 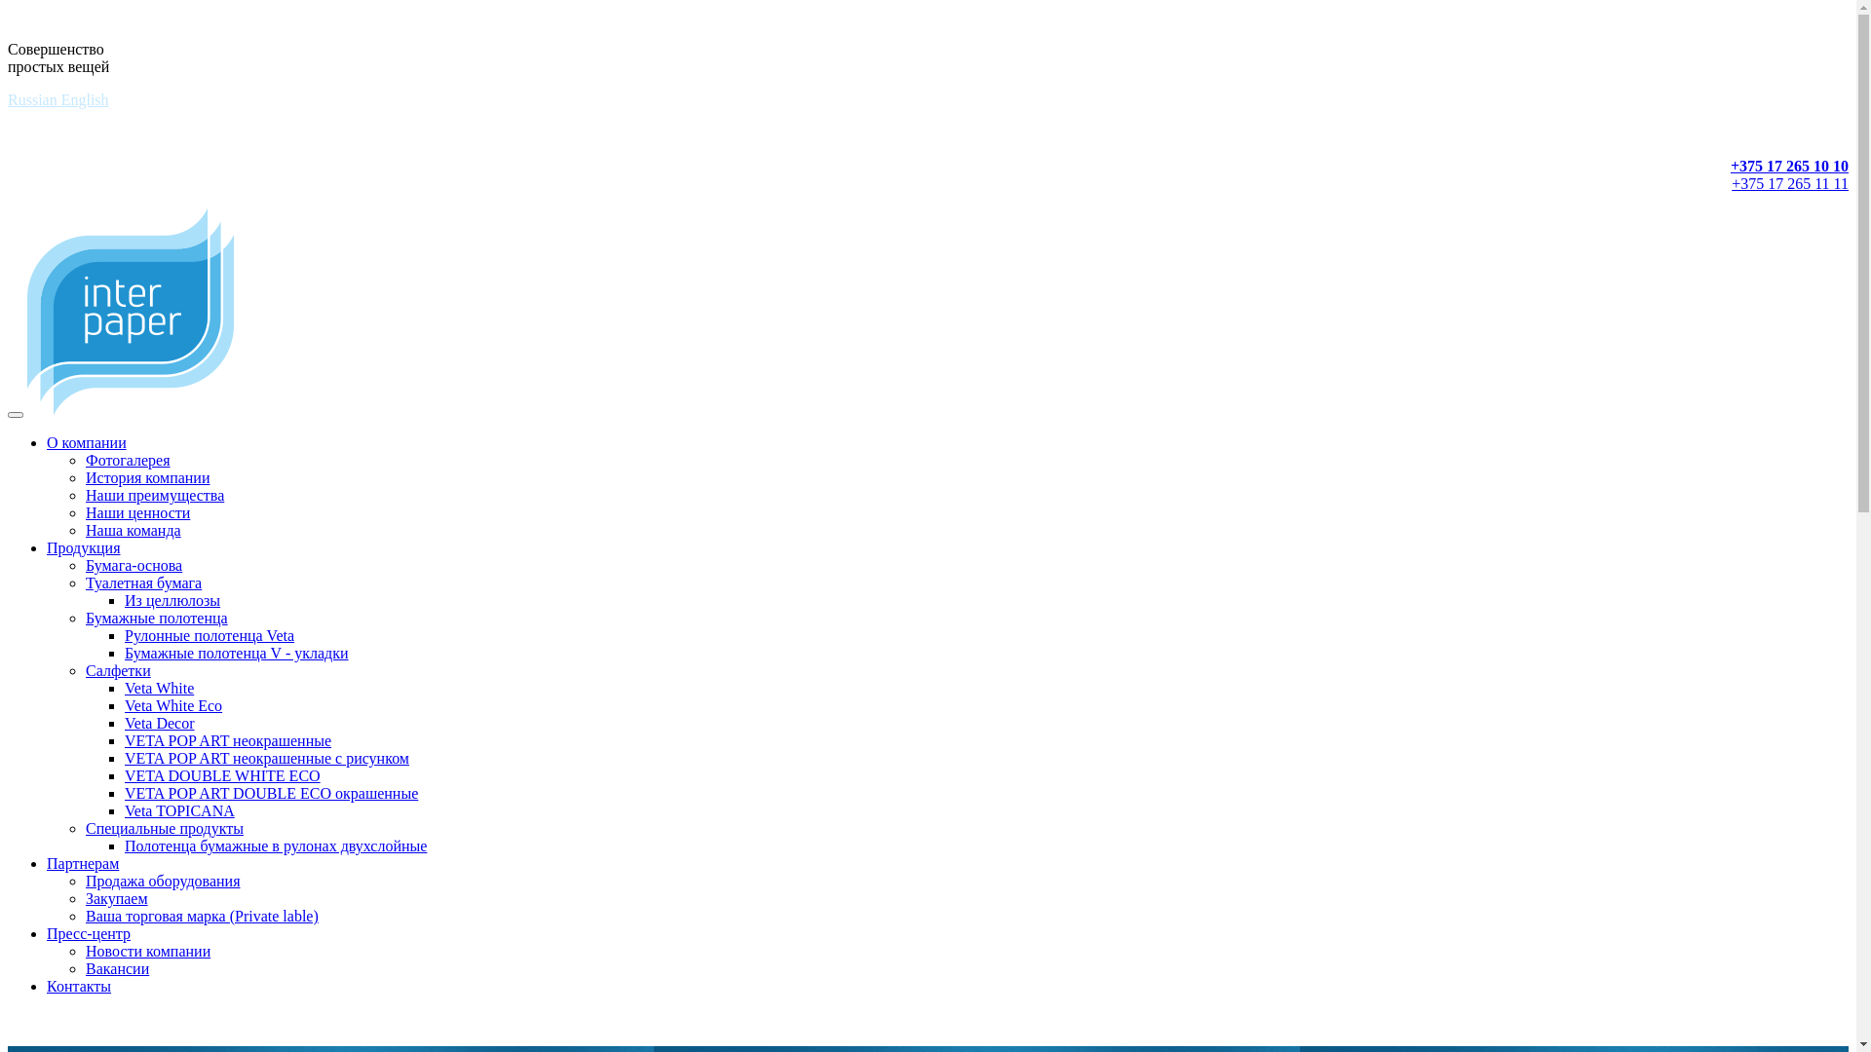 I want to click on 'Russian', so click(x=34, y=99).